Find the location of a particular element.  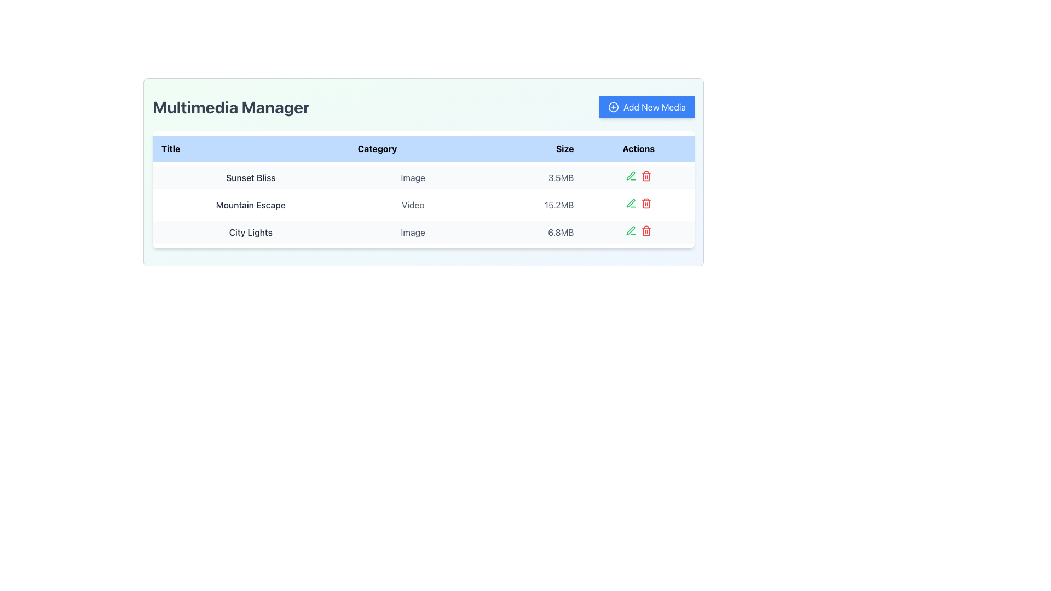

the Text Label element displaying 'Mountain Escape', which is the first text entry in the second row of the table under the 'Title' column is located at coordinates (250, 205).